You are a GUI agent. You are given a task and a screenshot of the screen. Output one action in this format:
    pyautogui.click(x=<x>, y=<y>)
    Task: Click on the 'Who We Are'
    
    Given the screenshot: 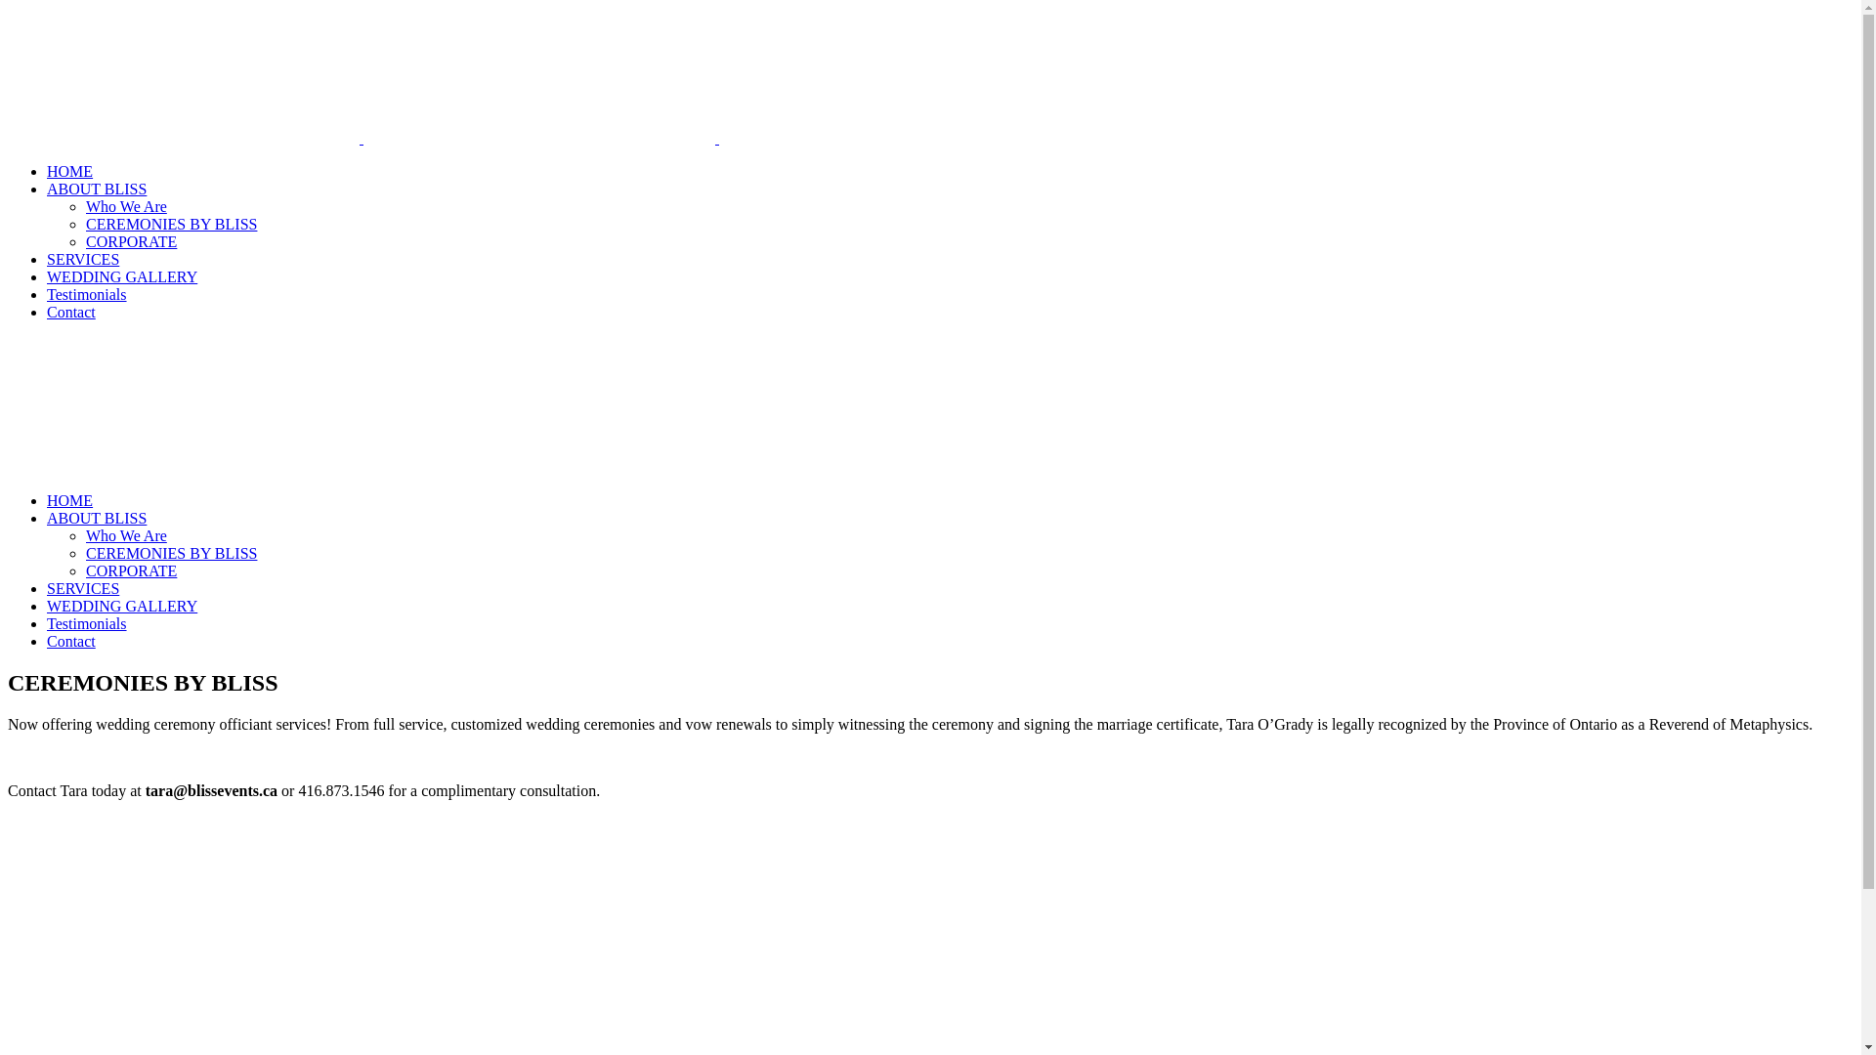 What is the action you would take?
    pyautogui.click(x=125, y=535)
    